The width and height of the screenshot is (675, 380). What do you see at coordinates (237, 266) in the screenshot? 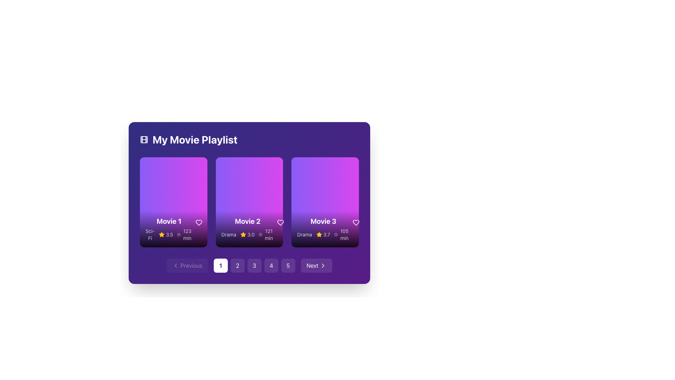
I see `the second pagination button for navigating to the second page of the movie playlist` at bounding box center [237, 266].